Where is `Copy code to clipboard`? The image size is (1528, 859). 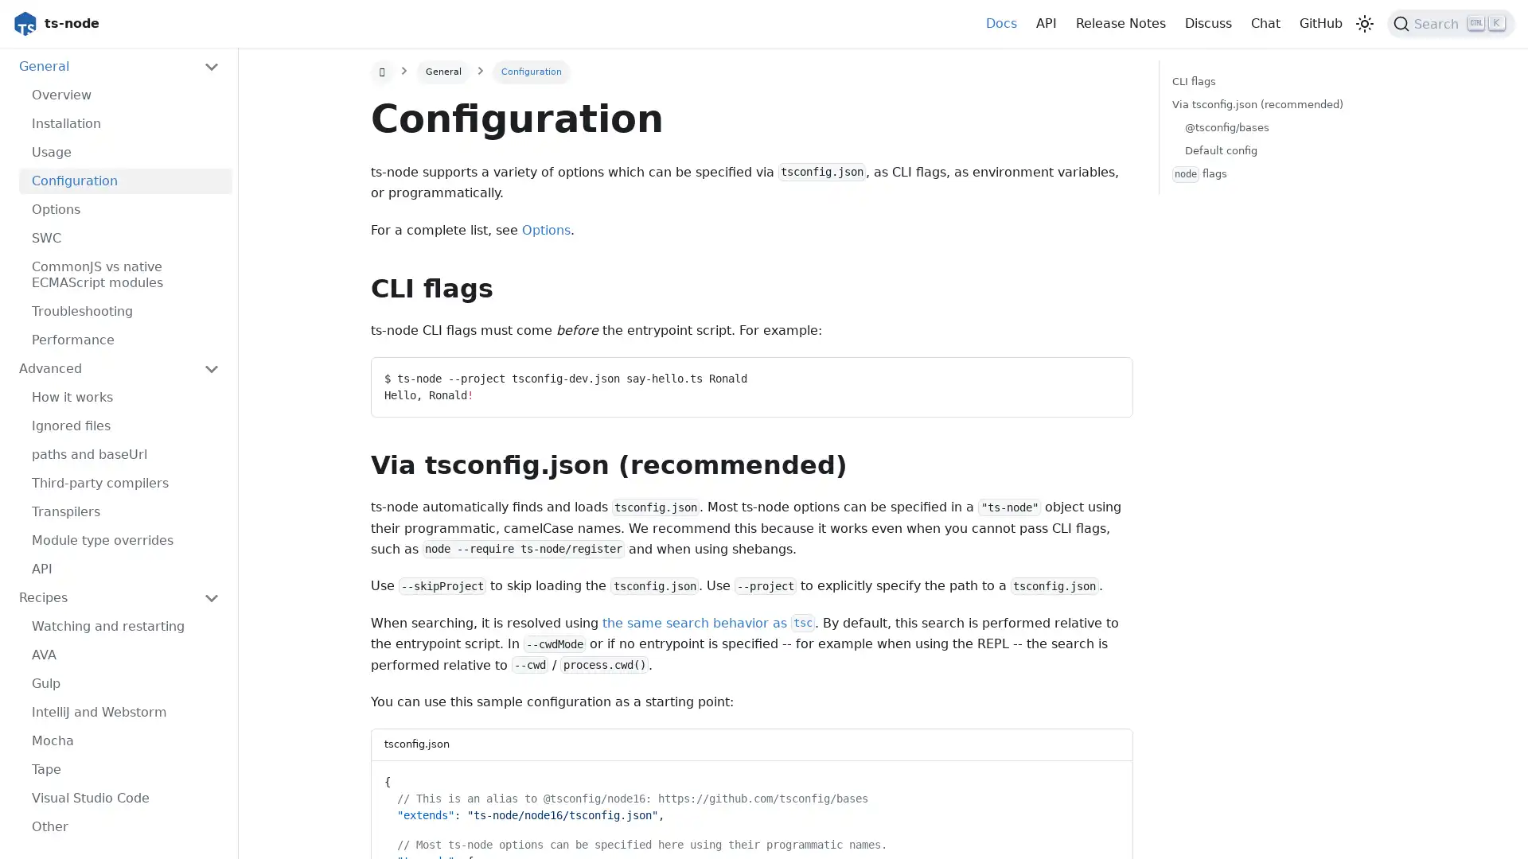 Copy code to clipboard is located at coordinates (1105, 778).